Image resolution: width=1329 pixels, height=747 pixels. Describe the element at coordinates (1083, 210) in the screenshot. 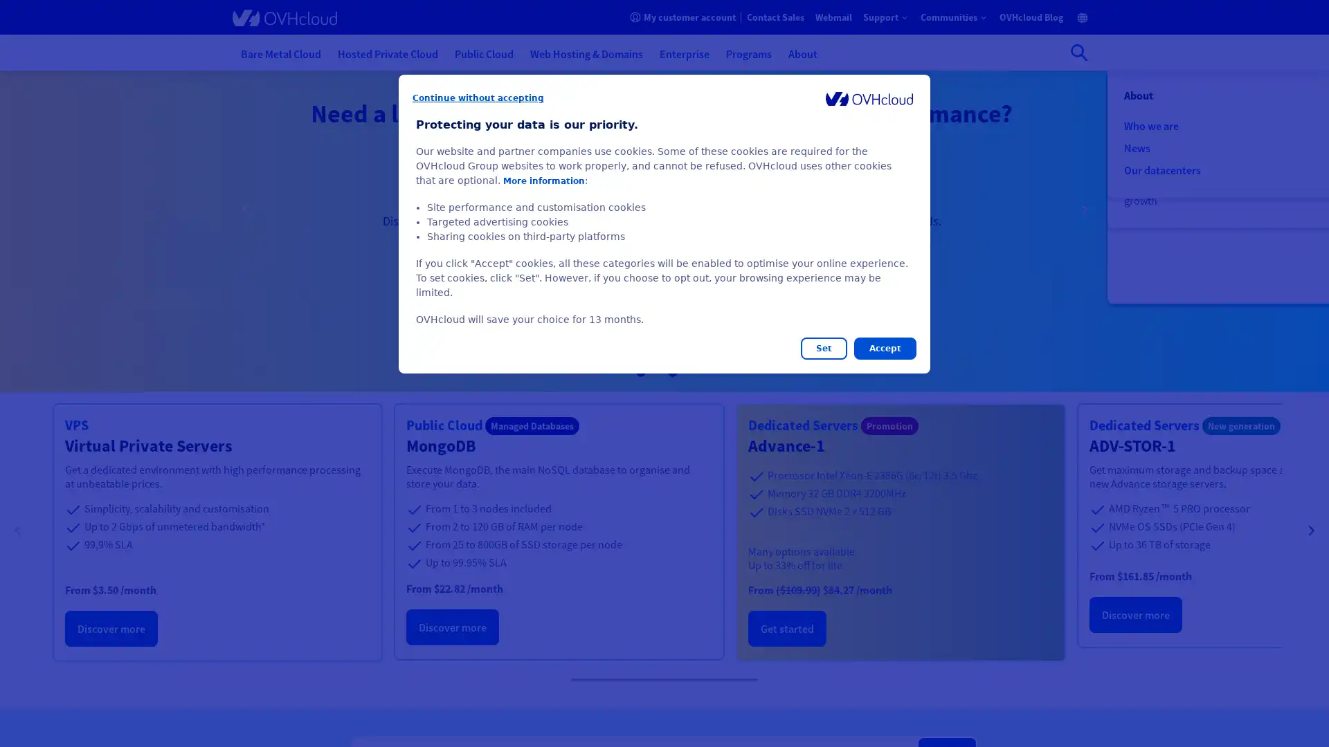

I see `Next` at that location.